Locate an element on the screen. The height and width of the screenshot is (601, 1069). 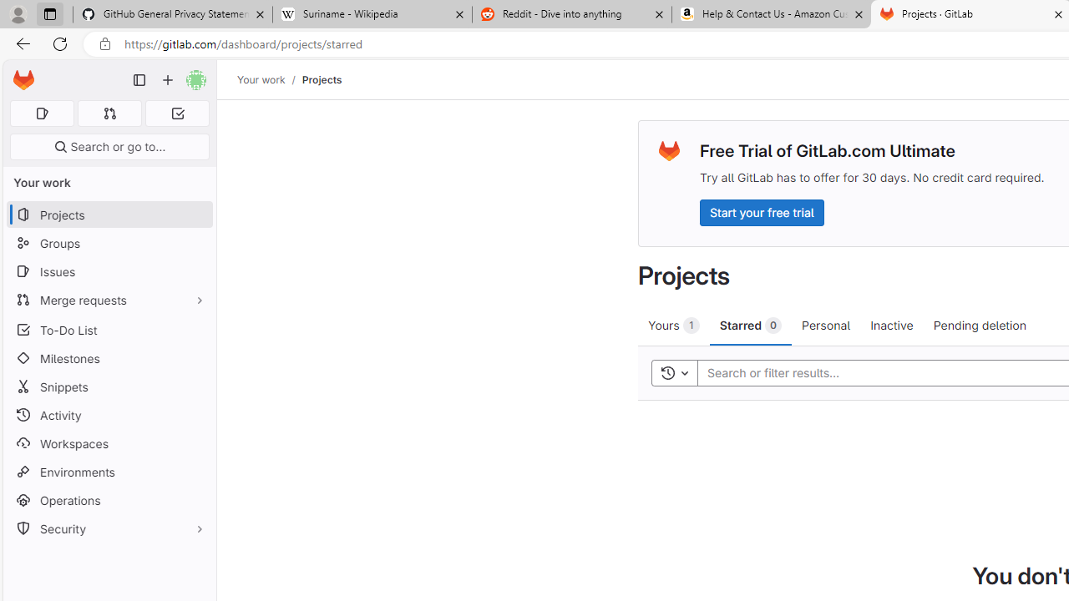
'Starred 0' is located at coordinates (749, 325).